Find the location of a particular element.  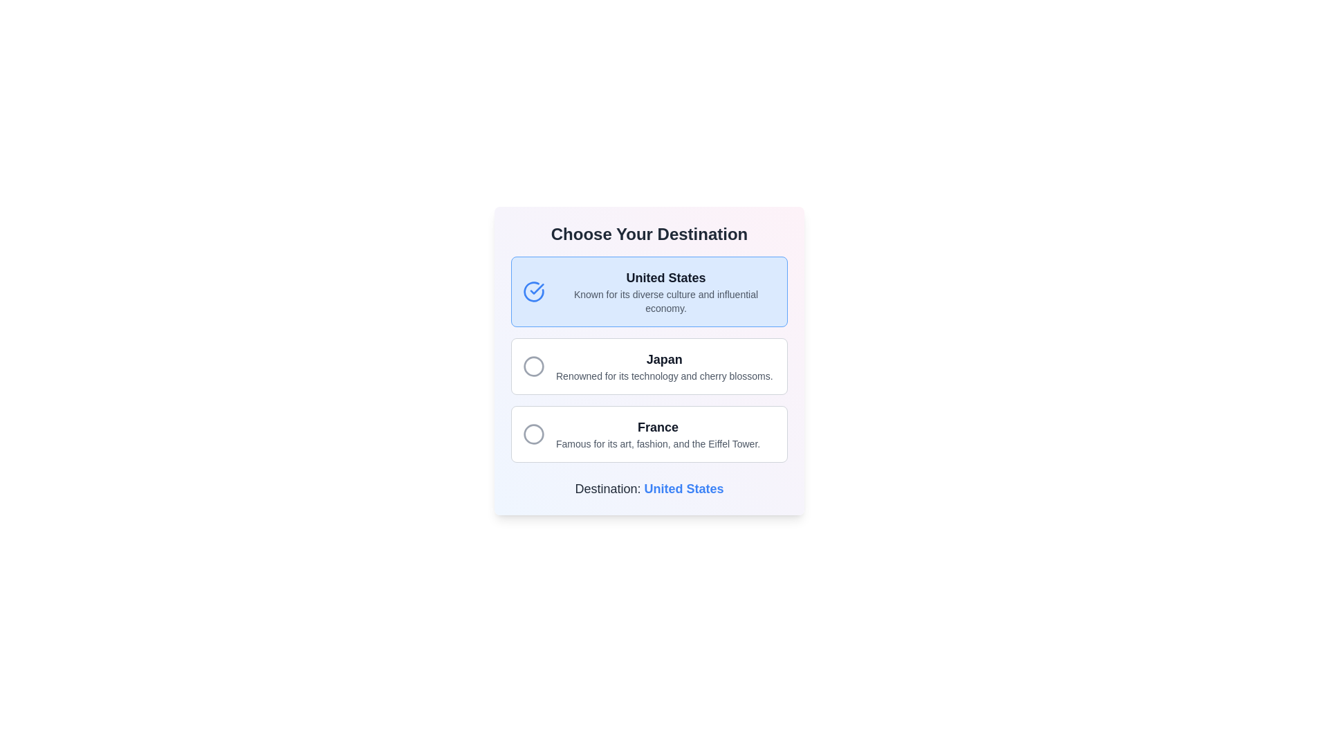

SVG properties of the selection indicator for the 'United States' option, which visually indicates that this option is active is located at coordinates (533, 290).